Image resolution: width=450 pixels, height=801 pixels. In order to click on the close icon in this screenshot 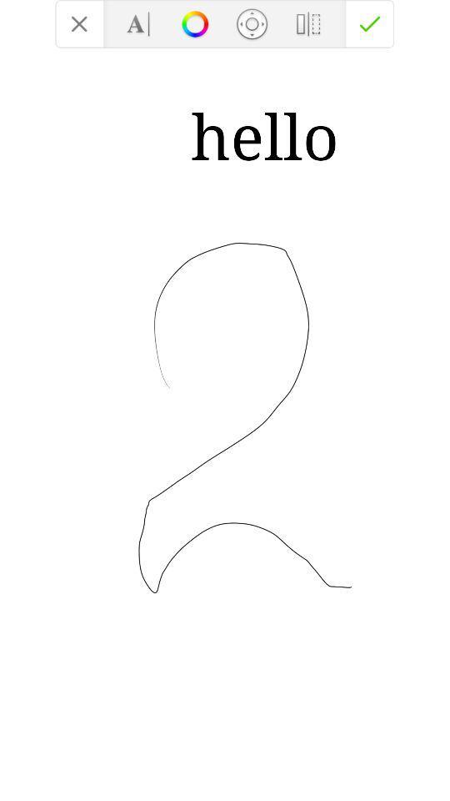, I will do `click(78, 23)`.